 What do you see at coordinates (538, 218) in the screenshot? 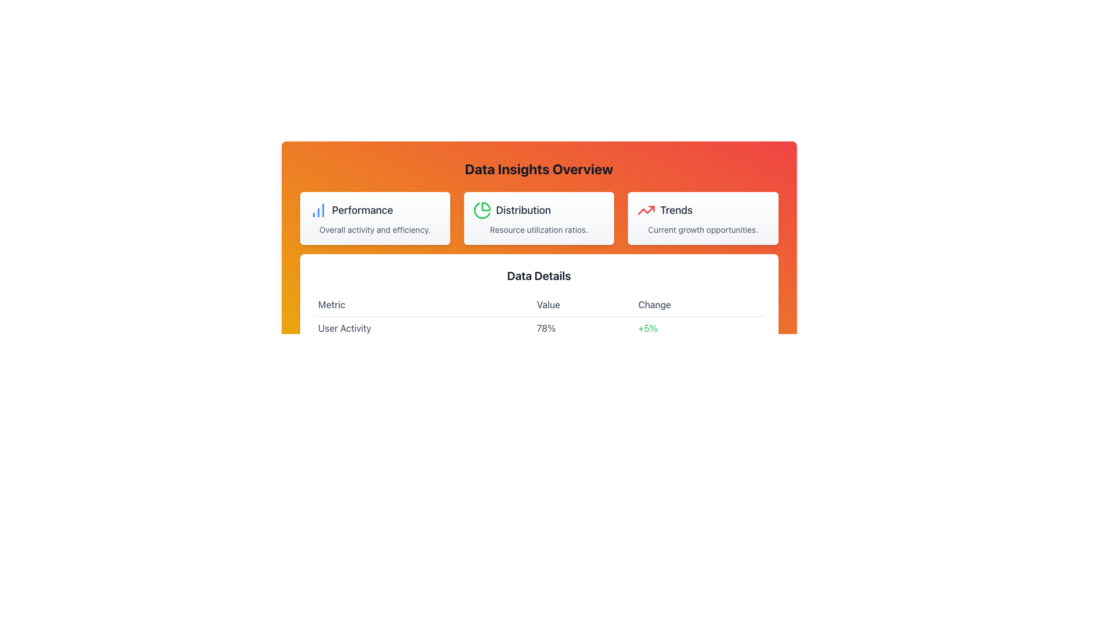
I see `the static informational card displaying 'Distribution' and its definition 'Resource utilization ratios.' within the grid layout, located between the 'Performance' and 'Trends' tiles` at bounding box center [538, 218].